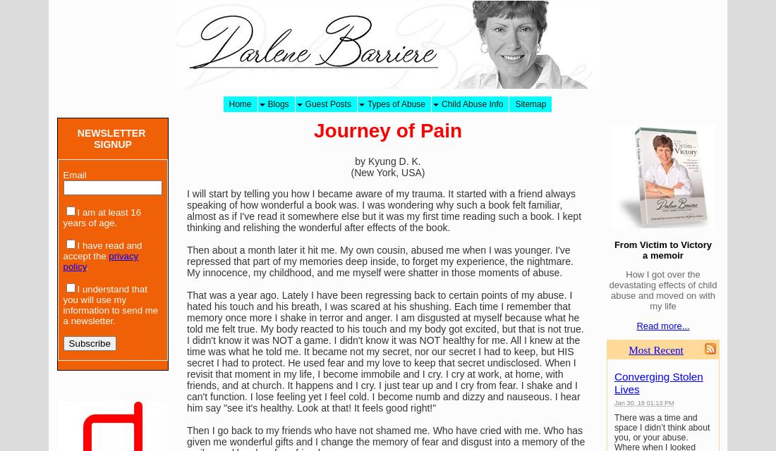 This screenshot has width=776, height=451. I want to click on 'How I got over the devastating effects of child abuse and moved on with my life', so click(607, 290).